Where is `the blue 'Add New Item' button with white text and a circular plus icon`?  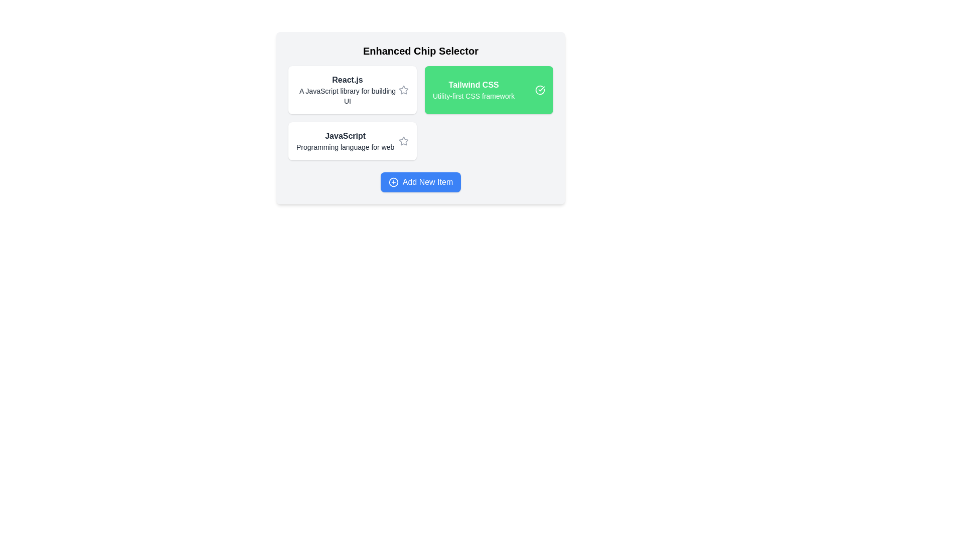 the blue 'Add New Item' button with white text and a circular plus icon is located at coordinates (421, 182).